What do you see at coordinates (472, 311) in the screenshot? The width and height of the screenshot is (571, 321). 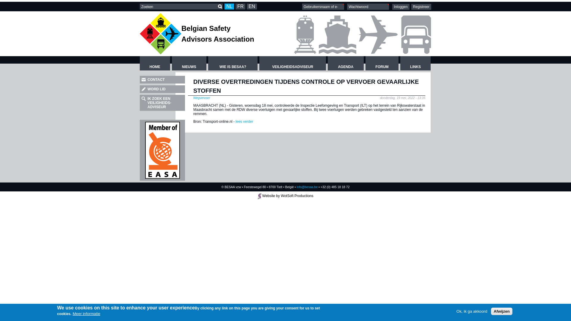 I see `'Ok, ik ga akkoord'` at bounding box center [472, 311].